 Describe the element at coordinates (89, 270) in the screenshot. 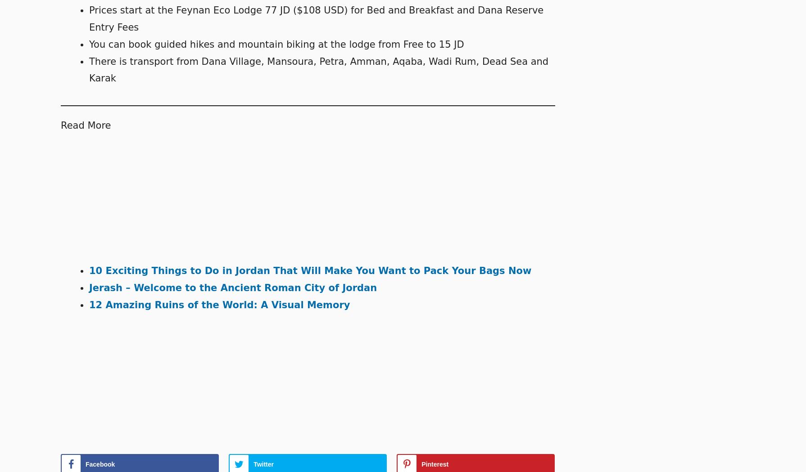

I see `'10 Exciting Things to Do in Jordan That Will Make You Want to Pack Your Bags Now'` at that location.